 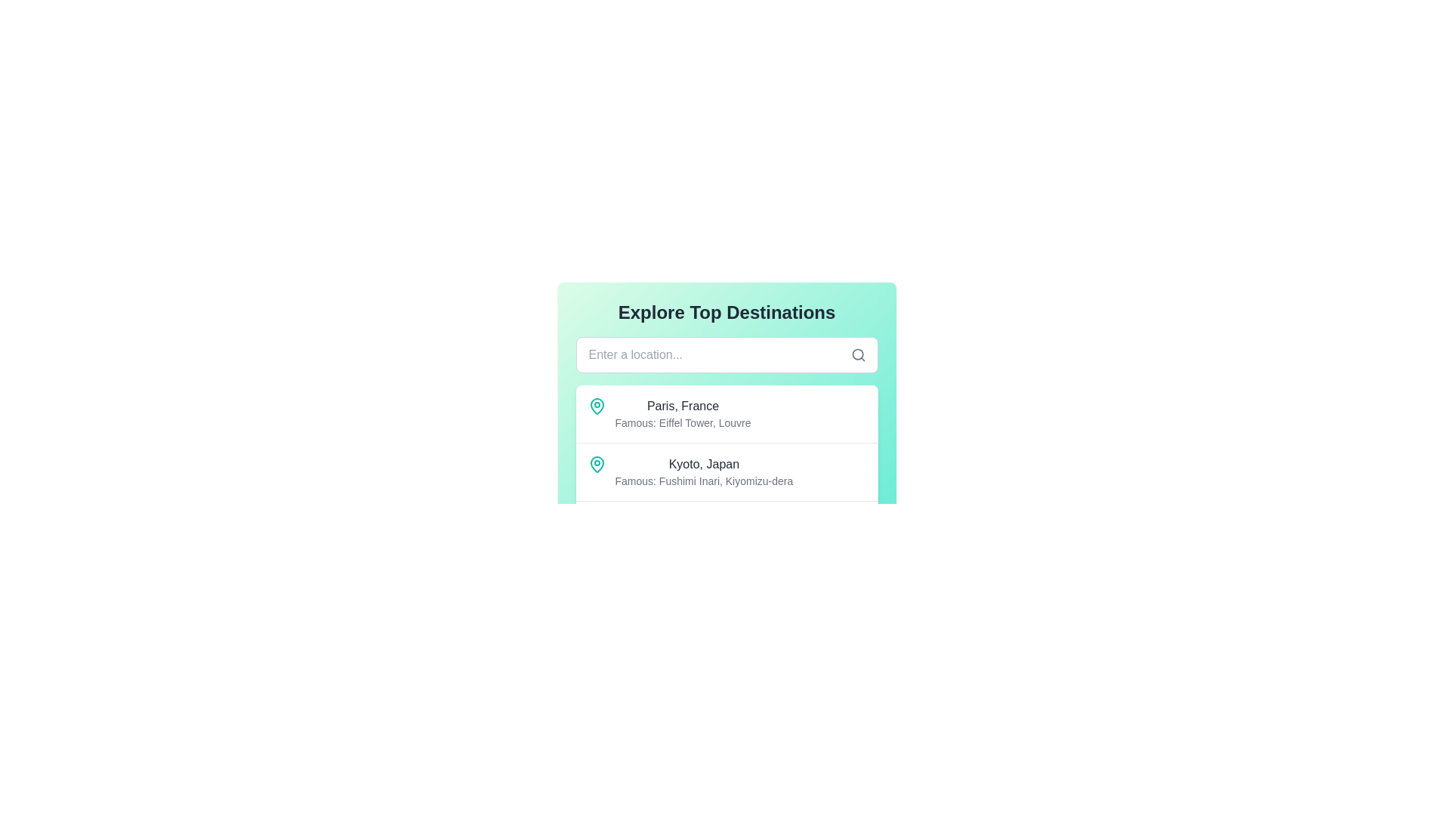 I want to click on the map pin icon located in the second list item of the 'Explore Top Destinations' section, which corresponds to 'Kyoto, Japan', so click(x=596, y=463).